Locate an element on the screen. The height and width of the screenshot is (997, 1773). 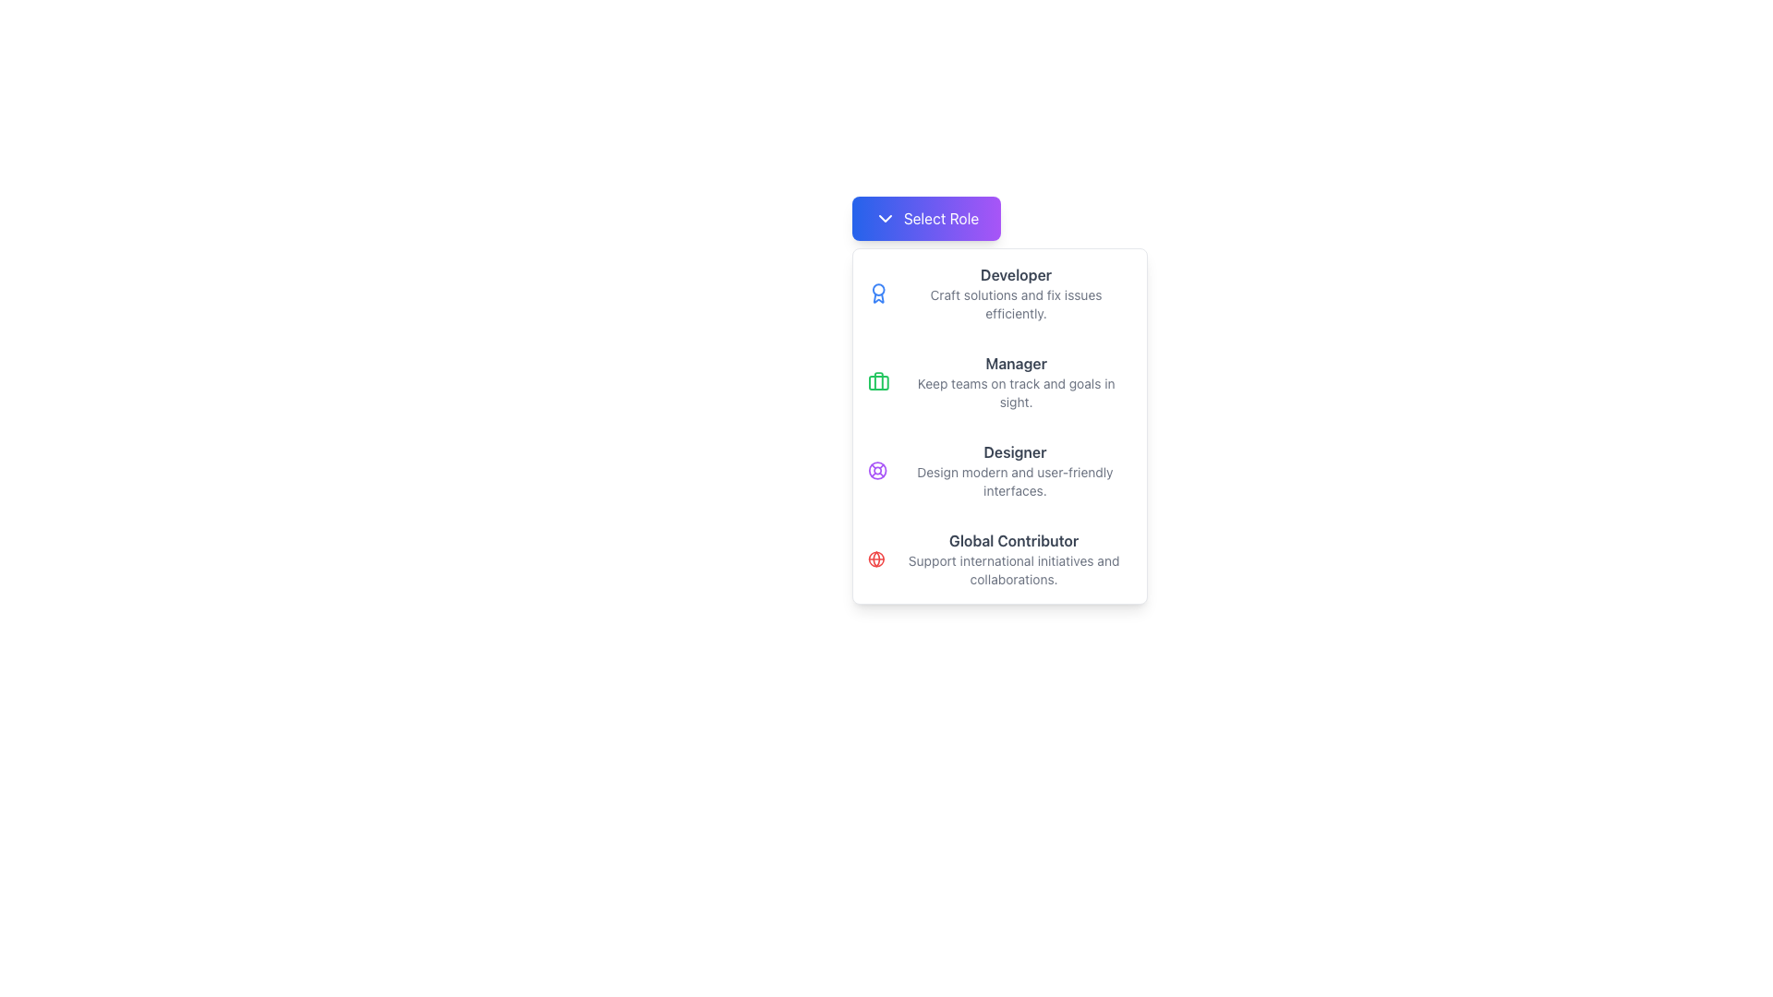
the selectable dropdown item labeled 'Designer' is located at coordinates (998, 469).